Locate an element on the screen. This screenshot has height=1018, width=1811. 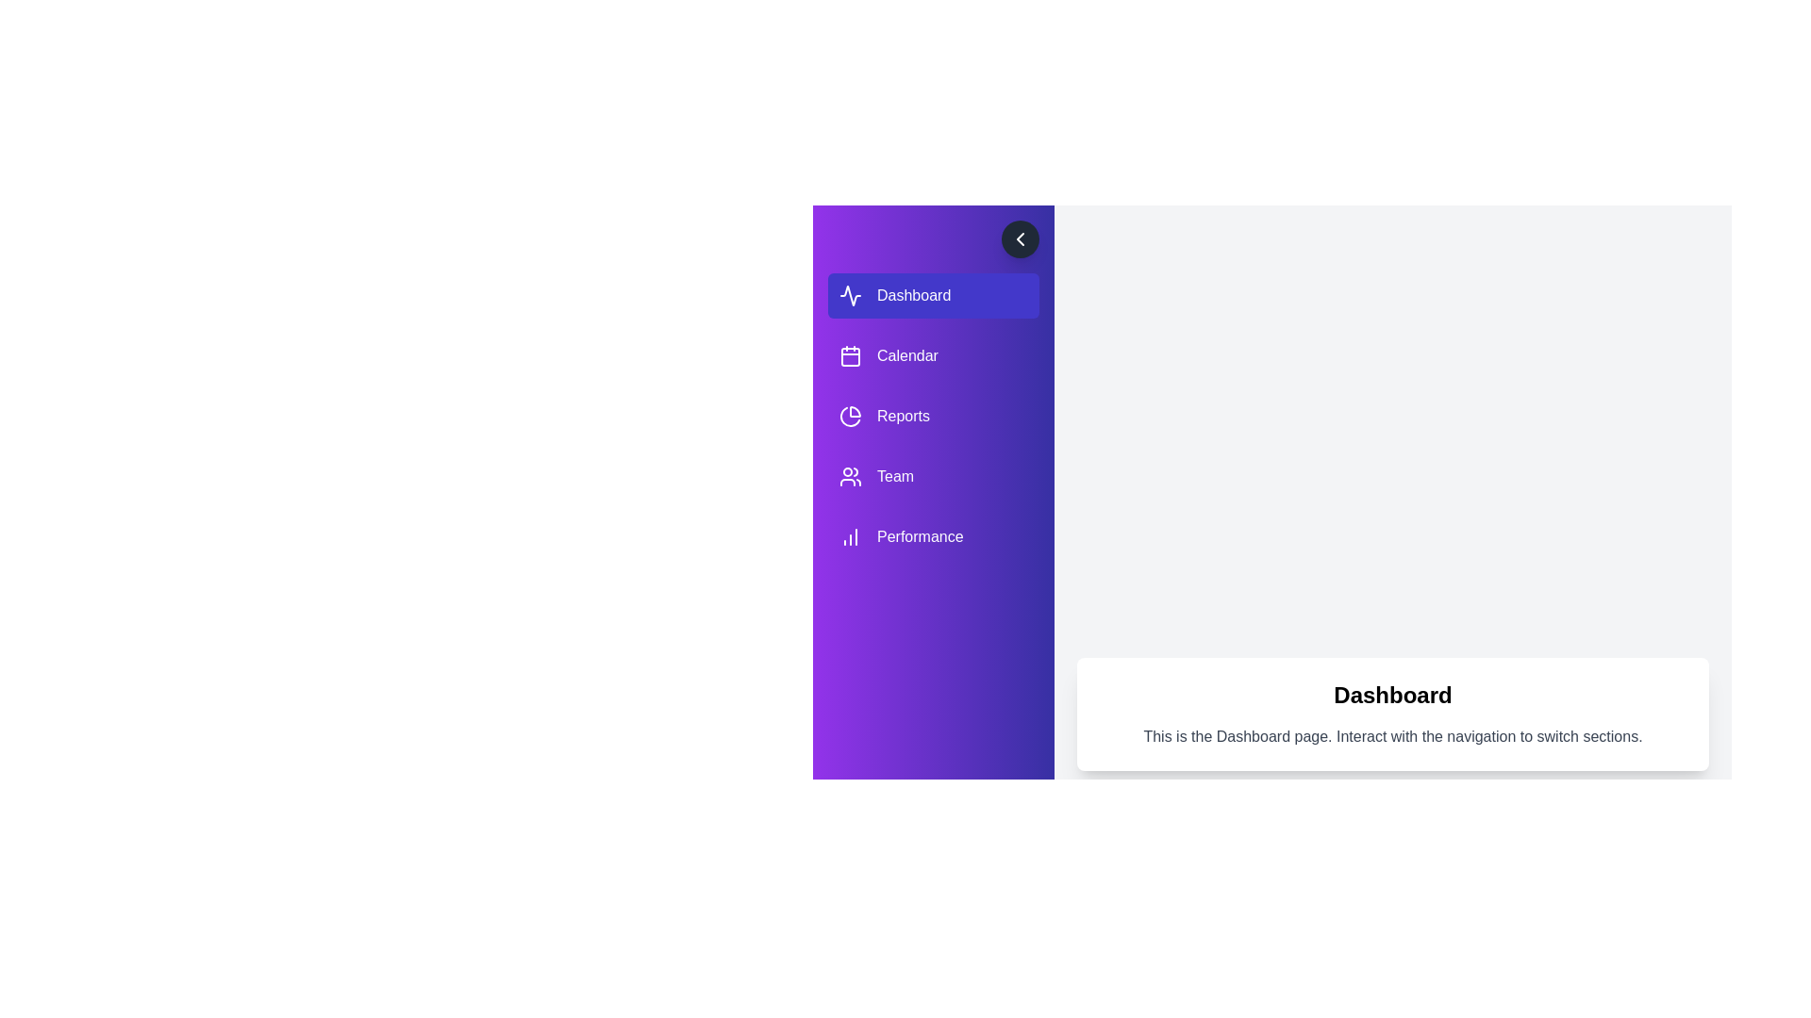
the navigation item labeled Calendar is located at coordinates (933, 356).